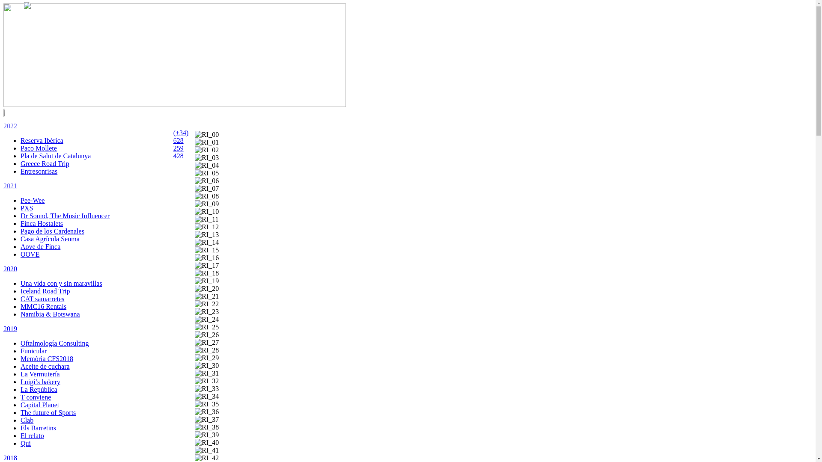  Describe the element at coordinates (21, 148) in the screenshot. I see `'Paco Mollete'` at that location.